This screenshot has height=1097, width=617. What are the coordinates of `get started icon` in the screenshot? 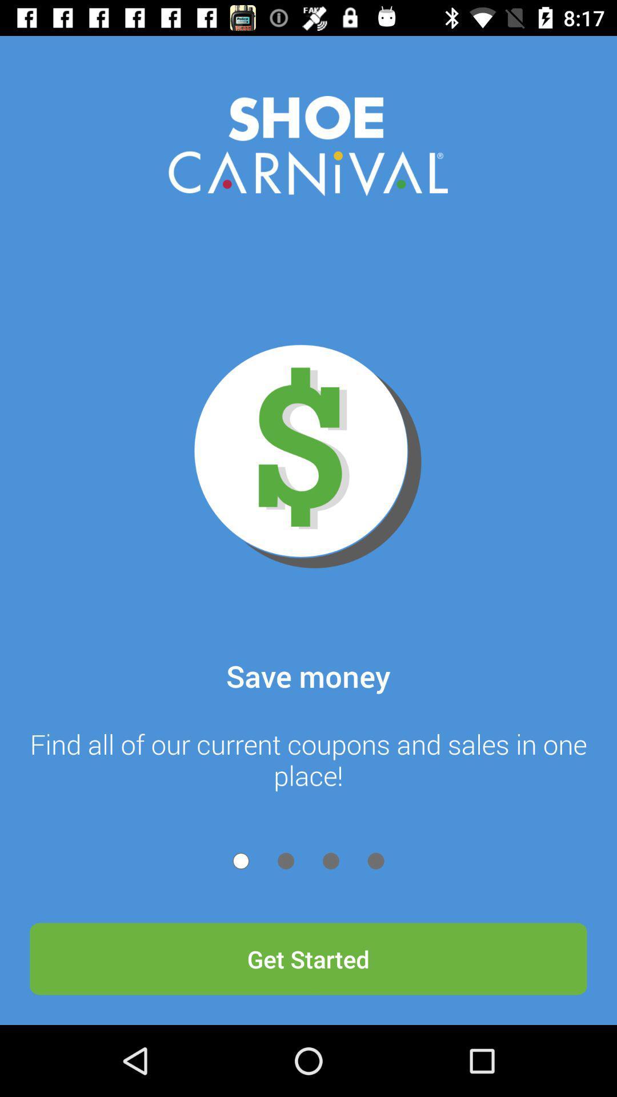 It's located at (308, 959).